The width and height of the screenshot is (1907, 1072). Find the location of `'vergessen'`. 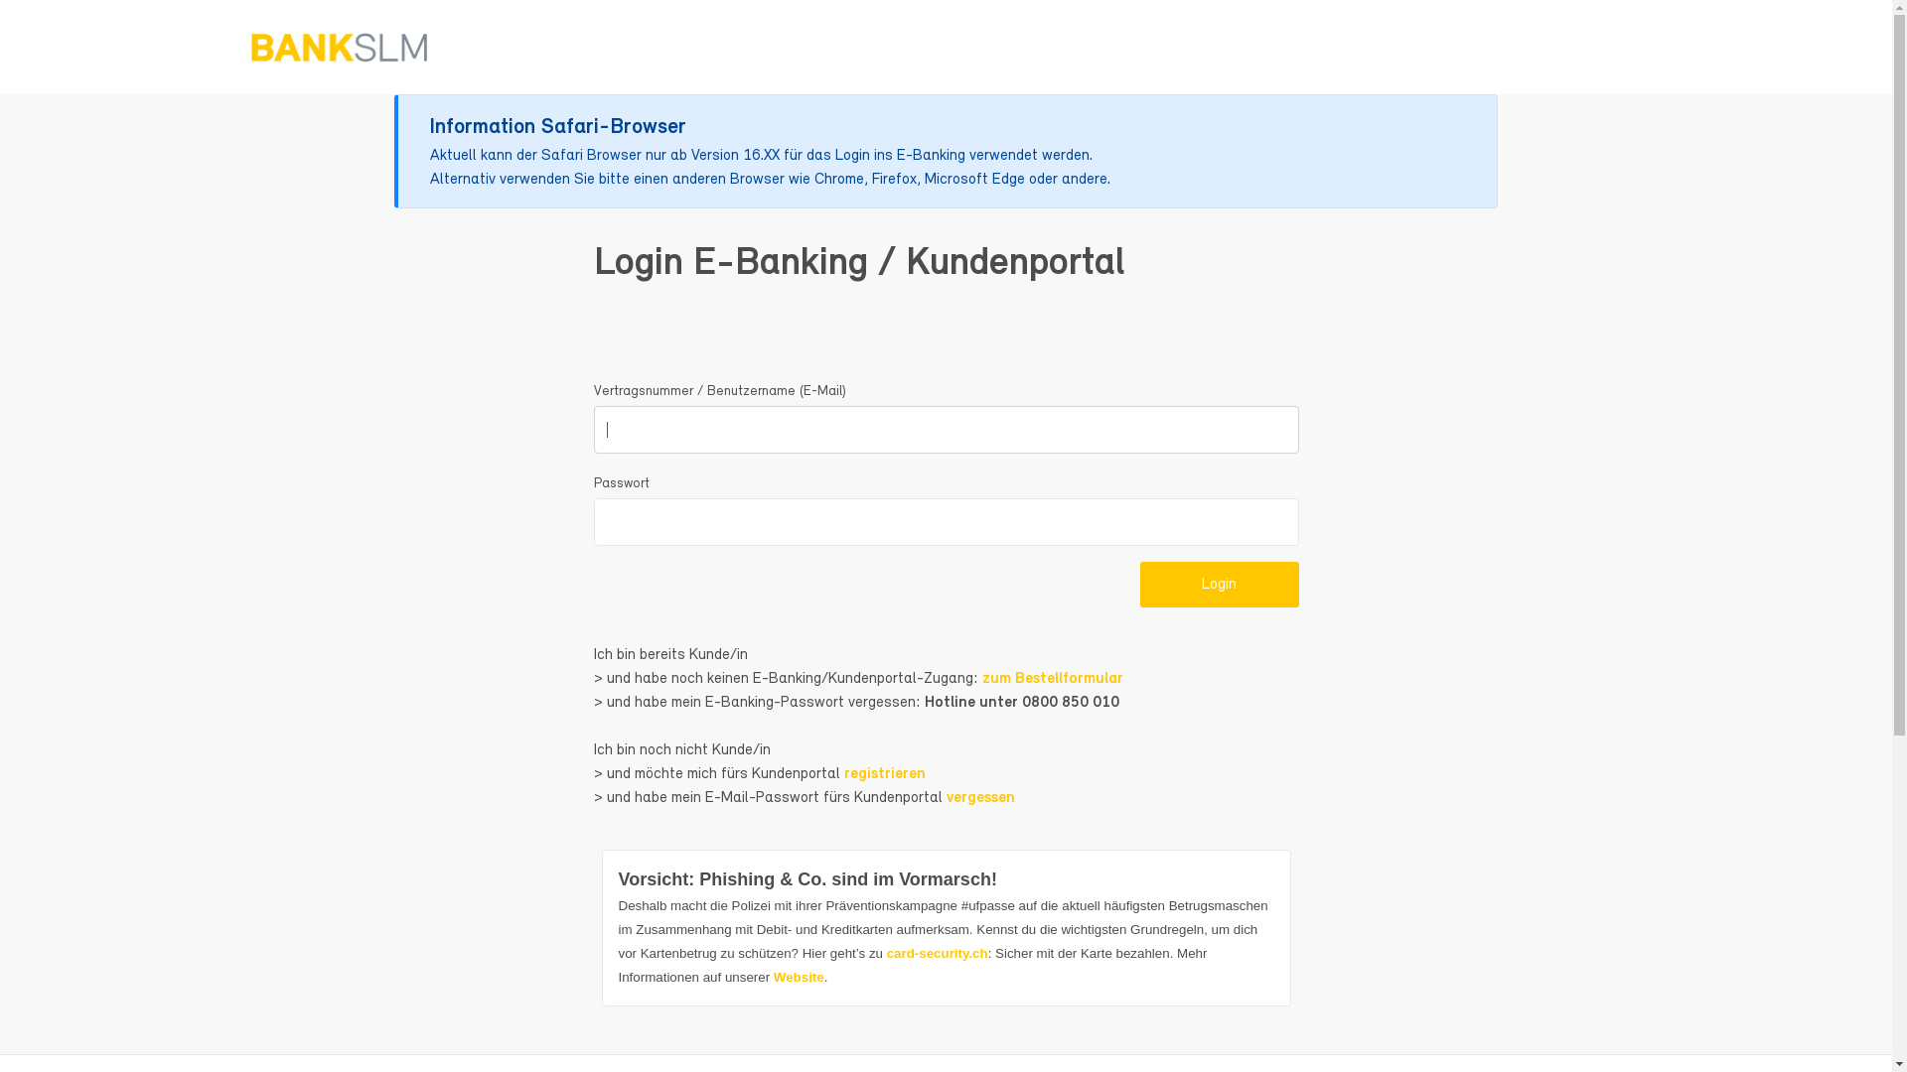

'vergessen' is located at coordinates (979, 796).